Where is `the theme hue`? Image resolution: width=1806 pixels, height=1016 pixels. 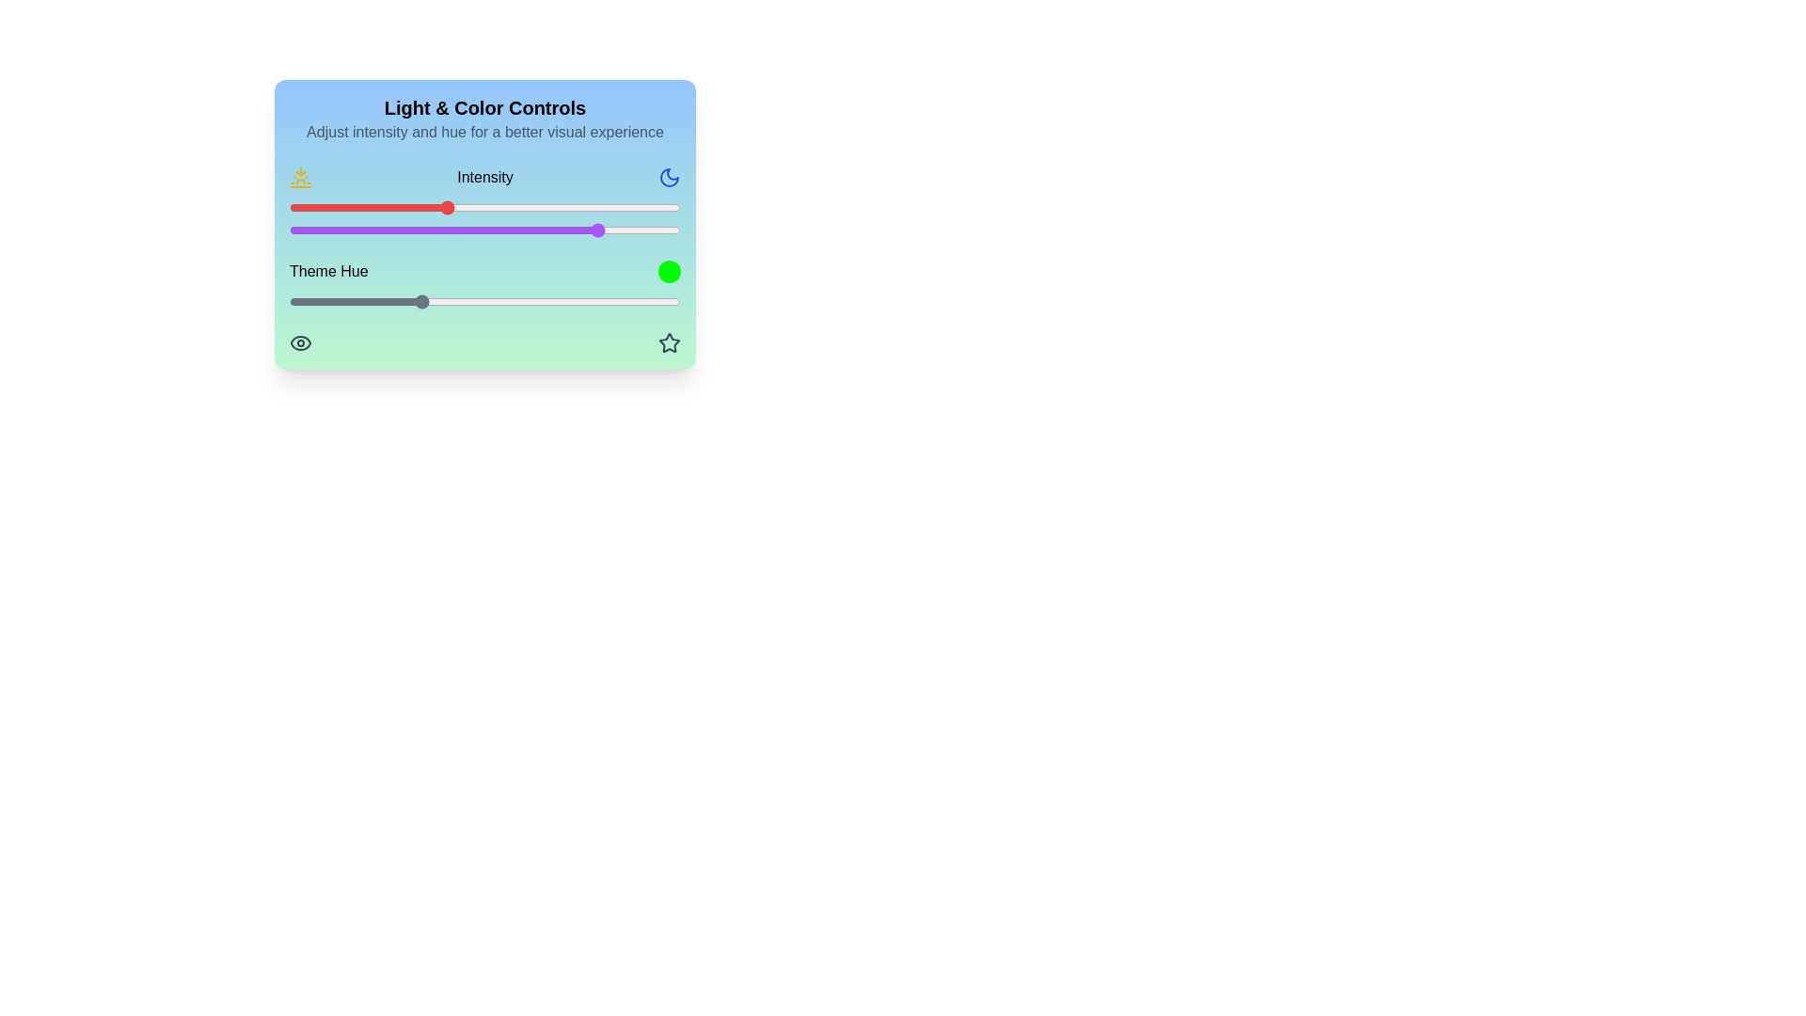
the theme hue is located at coordinates (483, 300).